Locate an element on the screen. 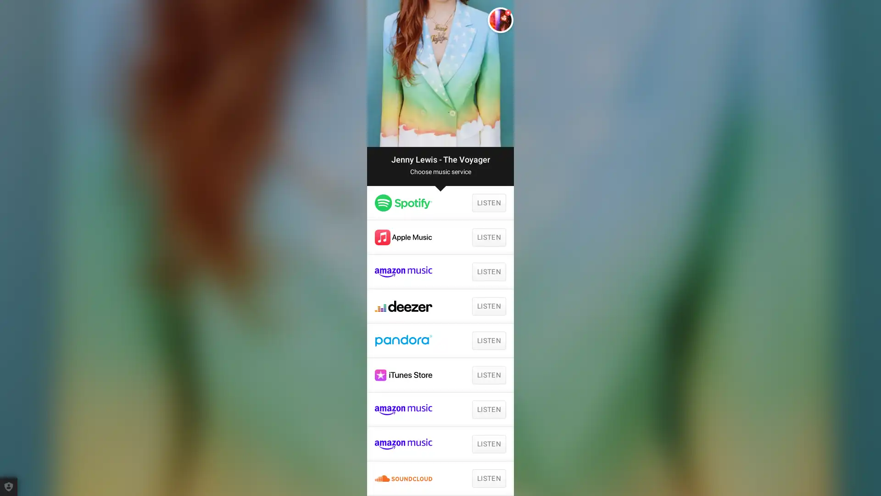  LISTEN is located at coordinates (488, 271).